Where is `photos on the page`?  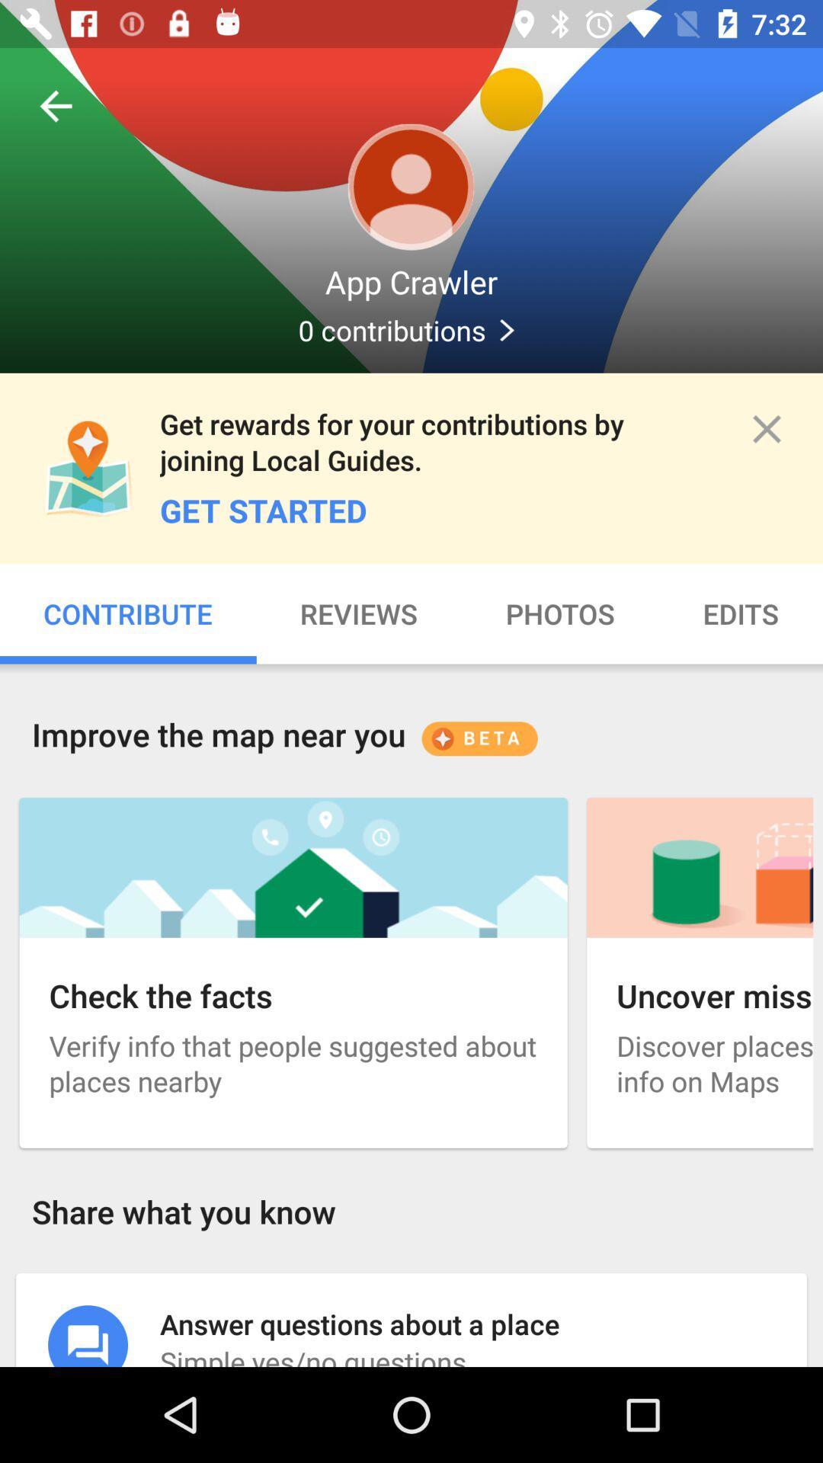 photos on the page is located at coordinates (560, 614).